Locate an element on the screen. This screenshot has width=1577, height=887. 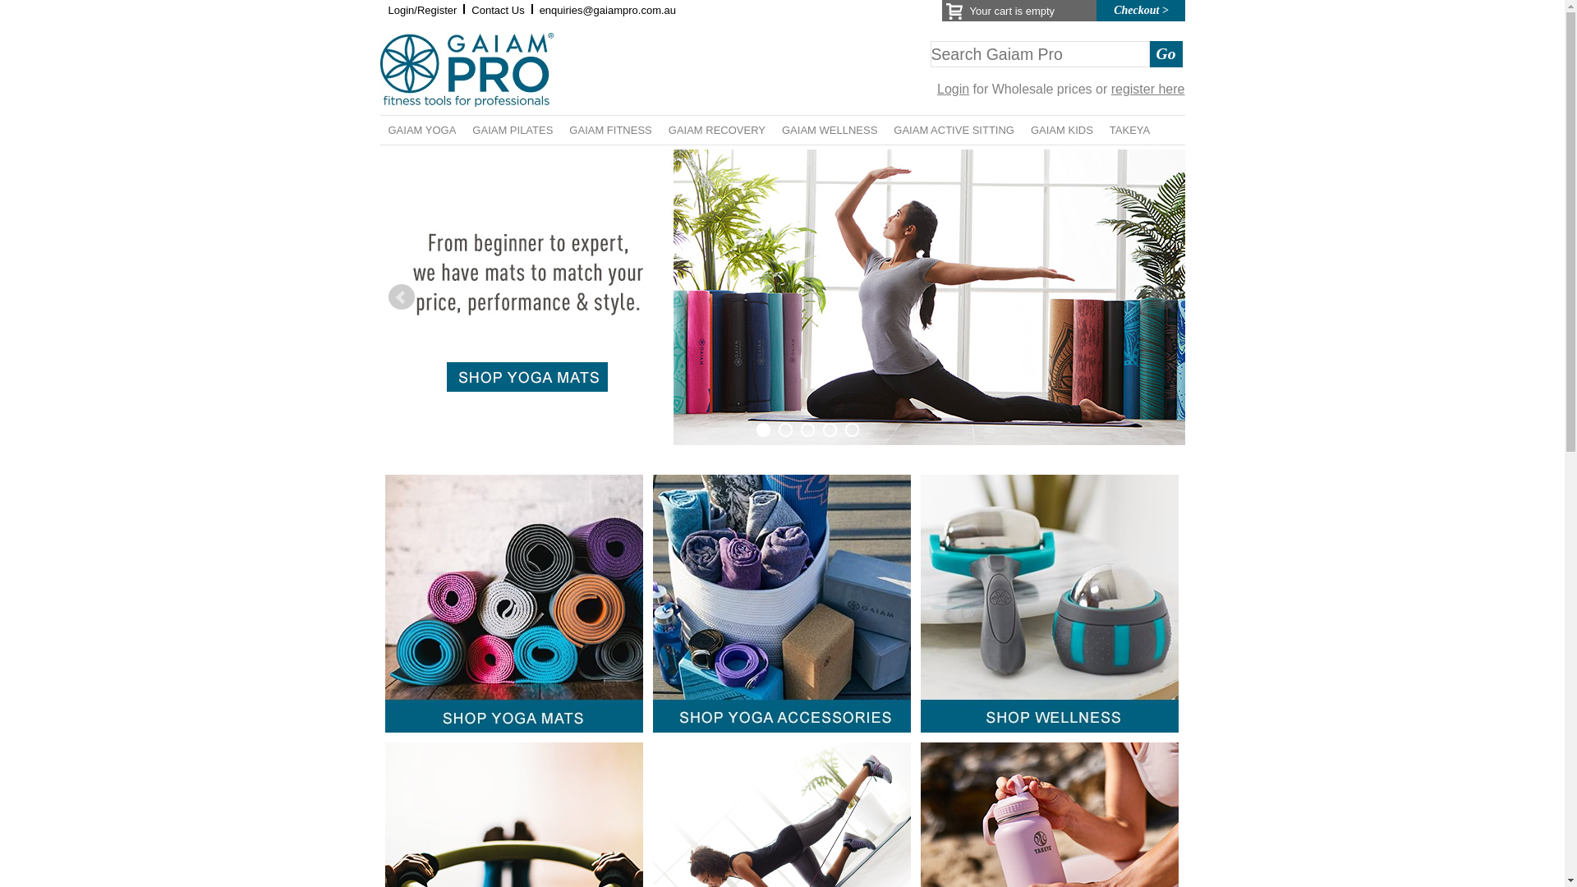
'4' is located at coordinates (830, 429).